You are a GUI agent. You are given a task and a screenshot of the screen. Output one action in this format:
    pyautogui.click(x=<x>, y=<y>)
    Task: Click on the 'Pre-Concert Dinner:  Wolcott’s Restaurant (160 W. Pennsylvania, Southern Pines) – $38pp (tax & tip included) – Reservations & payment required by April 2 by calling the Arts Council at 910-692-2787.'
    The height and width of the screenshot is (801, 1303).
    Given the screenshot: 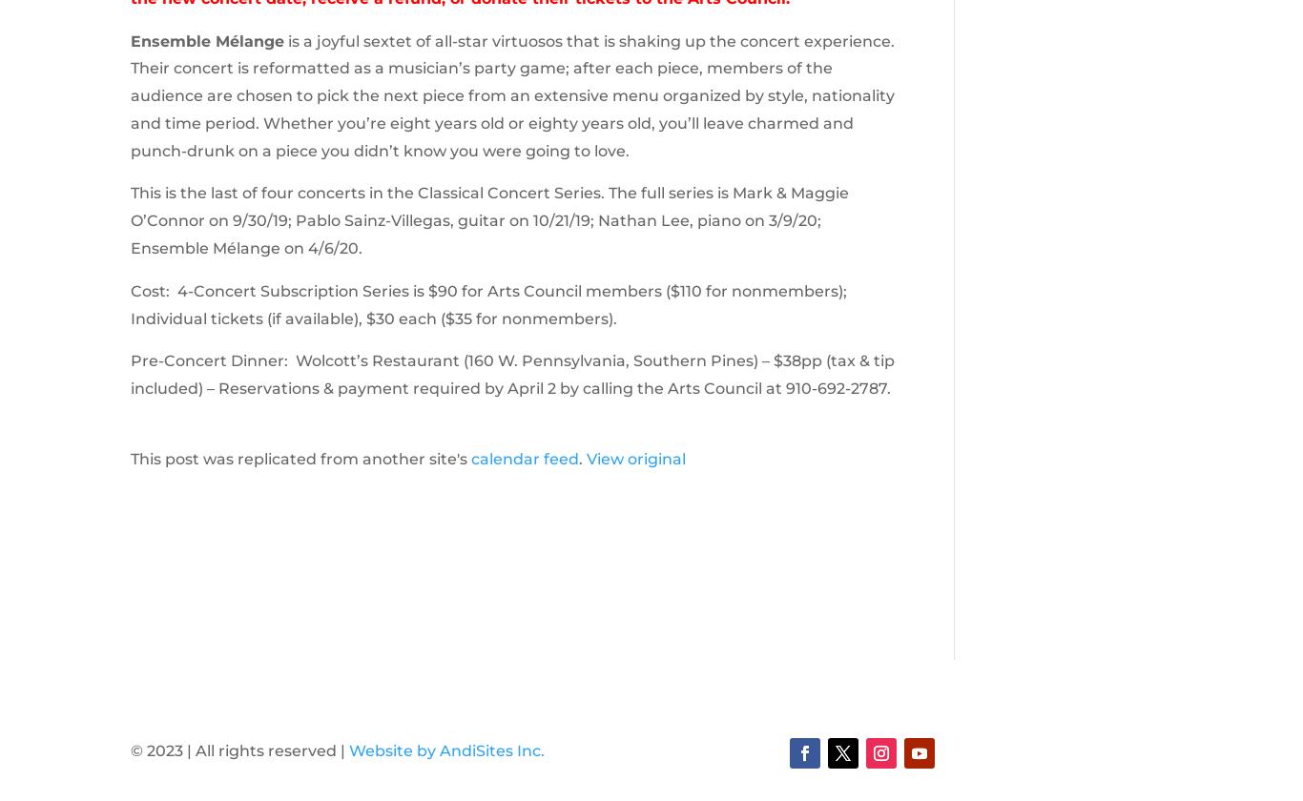 What is the action you would take?
    pyautogui.click(x=511, y=375)
    